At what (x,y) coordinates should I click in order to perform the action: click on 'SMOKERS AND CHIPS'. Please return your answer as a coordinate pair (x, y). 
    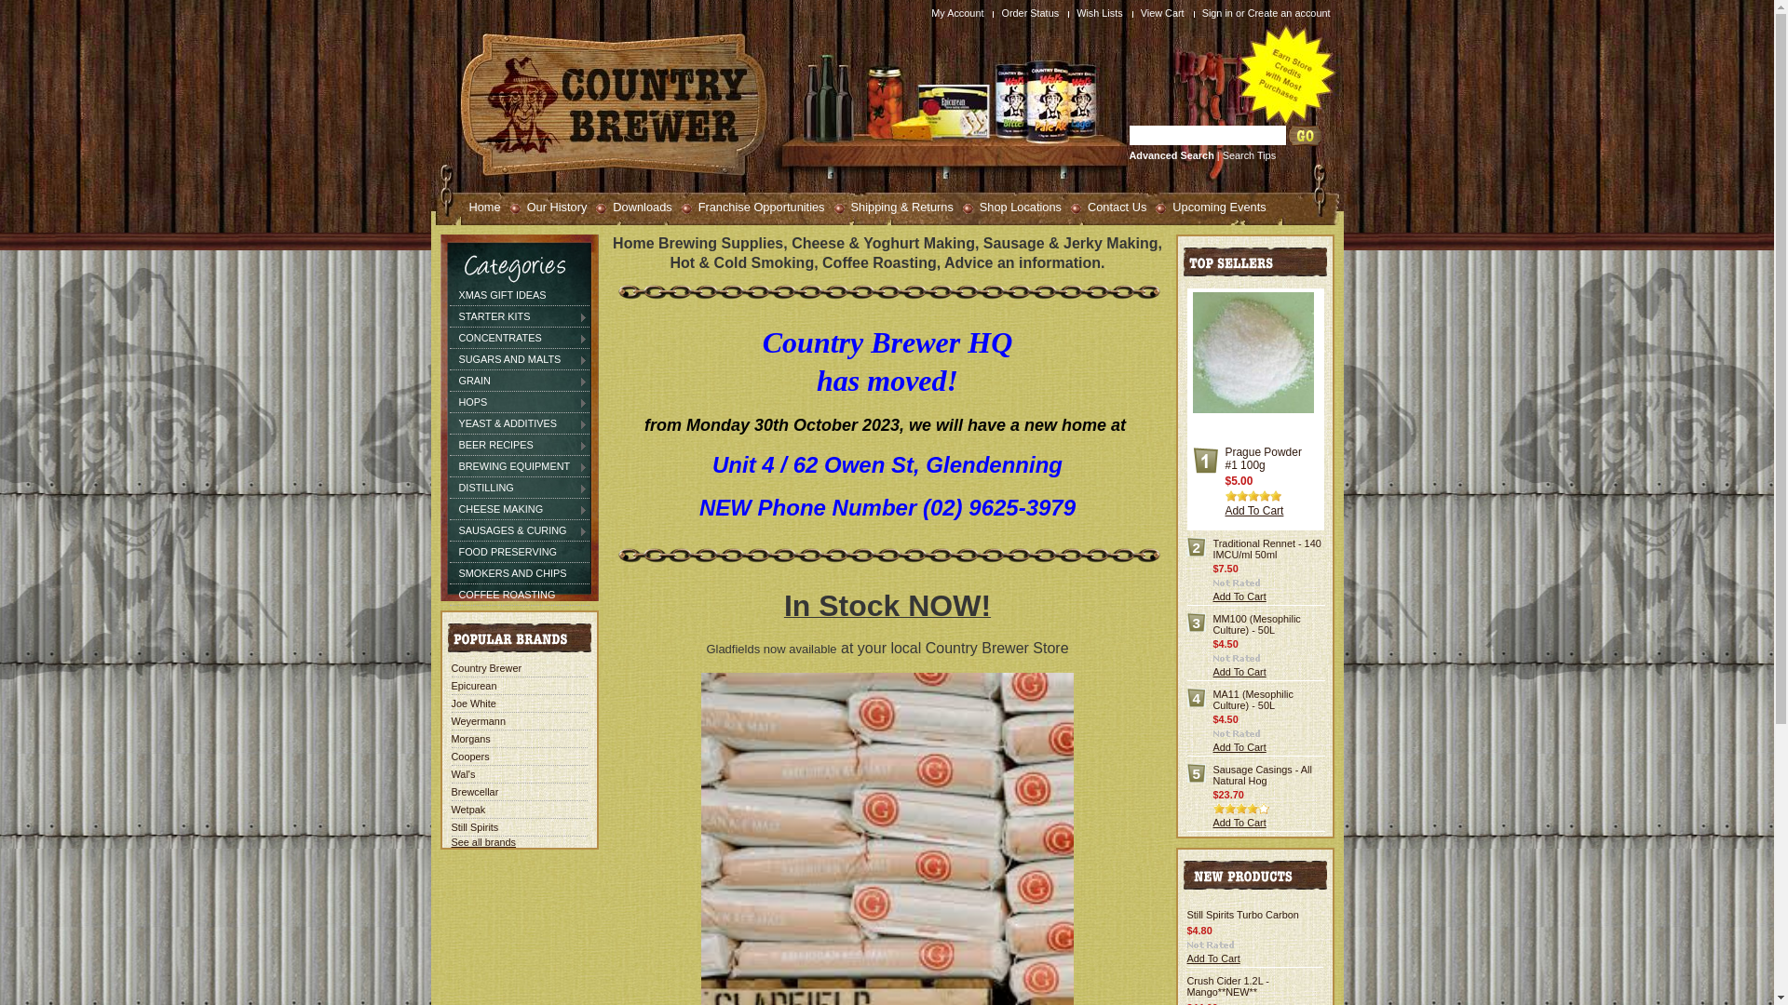
    Looking at the image, I should click on (518, 572).